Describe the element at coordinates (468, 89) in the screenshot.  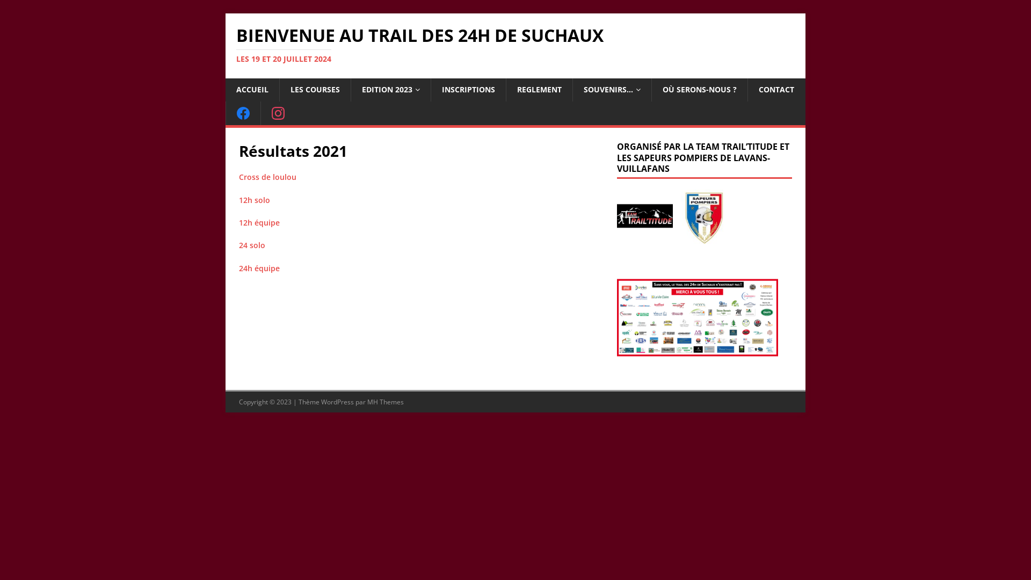
I see `'INSCRIPTIONS'` at that location.